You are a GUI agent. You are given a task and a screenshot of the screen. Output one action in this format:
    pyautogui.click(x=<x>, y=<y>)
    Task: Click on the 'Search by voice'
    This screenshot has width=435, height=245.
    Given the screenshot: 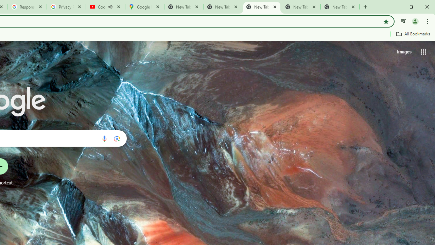 What is the action you would take?
    pyautogui.click(x=104, y=138)
    